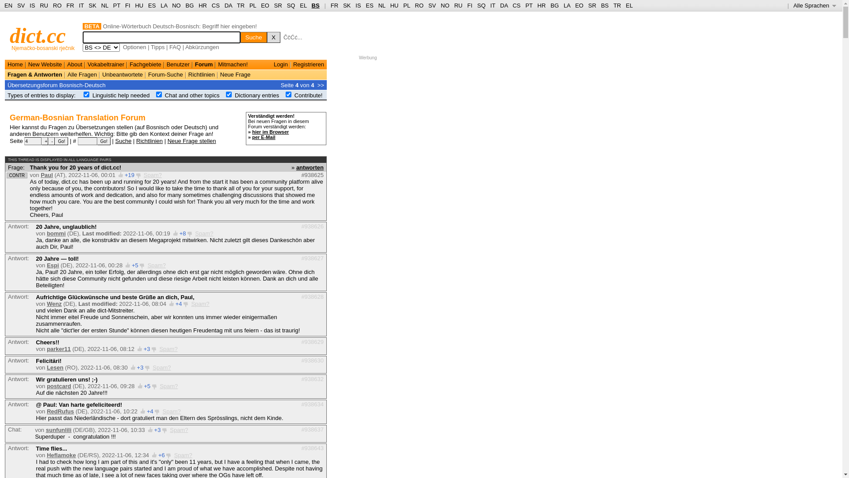 The width and height of the screenshot is (849, 478). Describe the element at coordinates (202, 5) in the screenshot. I see `'HR'` at that location.